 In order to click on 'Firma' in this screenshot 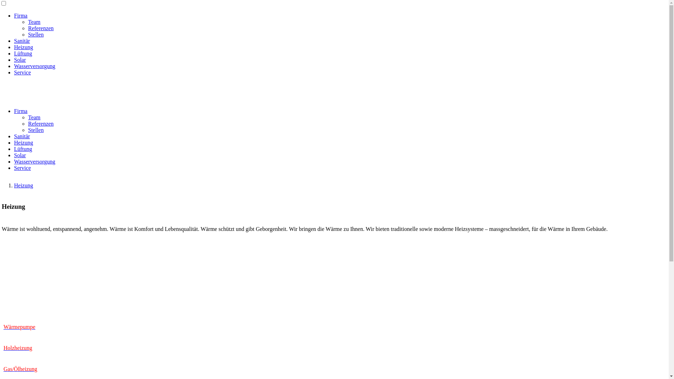, I will do `click(20, 15)`.